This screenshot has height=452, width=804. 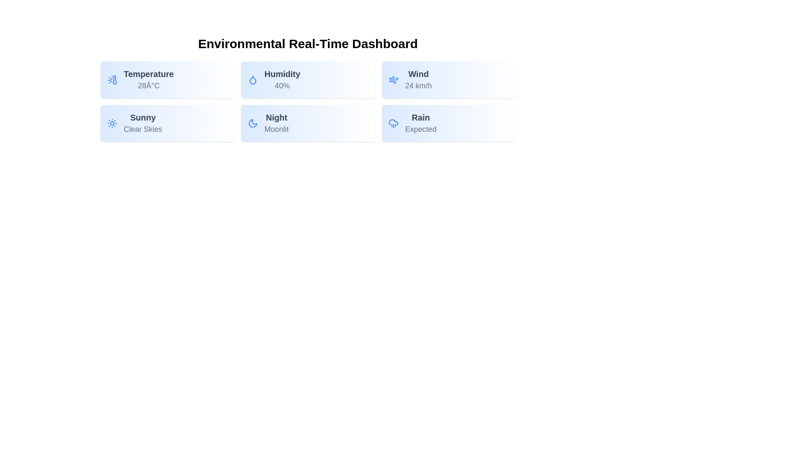 What do you see at coordinates (149, 74) in the screenshot?
I see `the 'Temperature' label which is styled in bold, large, gray text located at the top left of the first card in the weather information grid layout` at bounding box center [149, 74].